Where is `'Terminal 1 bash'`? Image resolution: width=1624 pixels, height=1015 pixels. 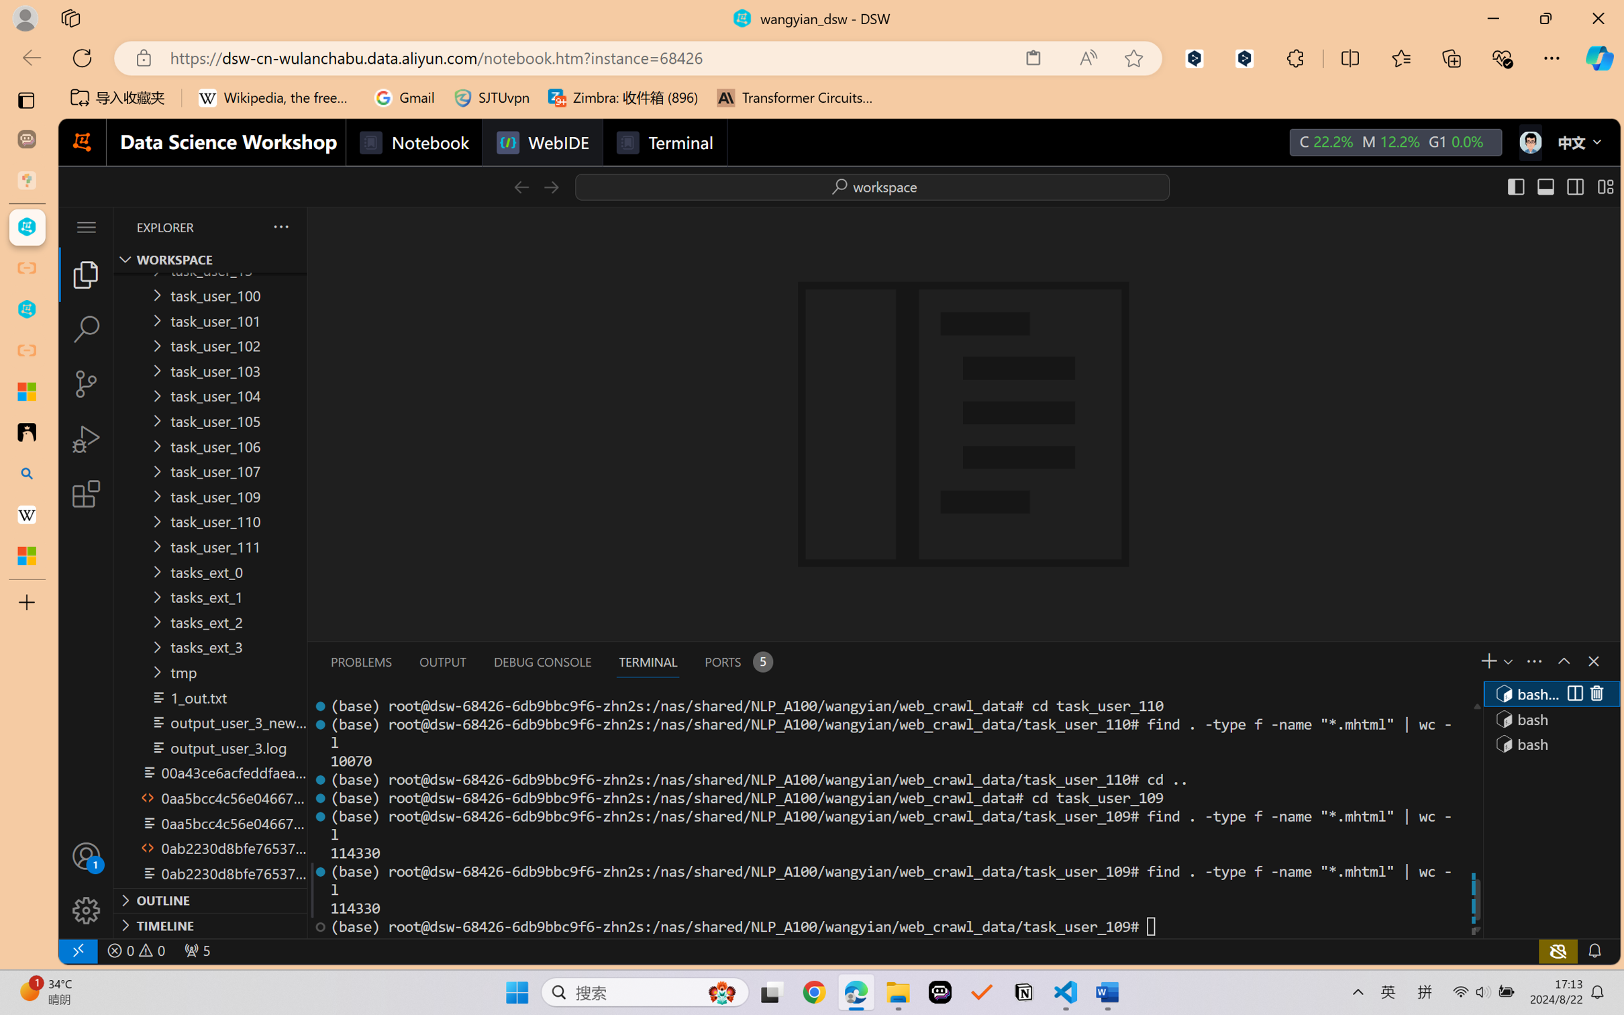
'Terminal 1 bash' is located at coordinates (1550, 693).